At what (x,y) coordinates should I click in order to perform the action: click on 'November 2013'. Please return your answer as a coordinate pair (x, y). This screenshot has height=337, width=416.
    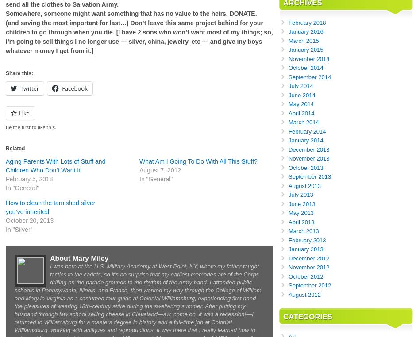
    Looking at the image, I should click on (308, 158).